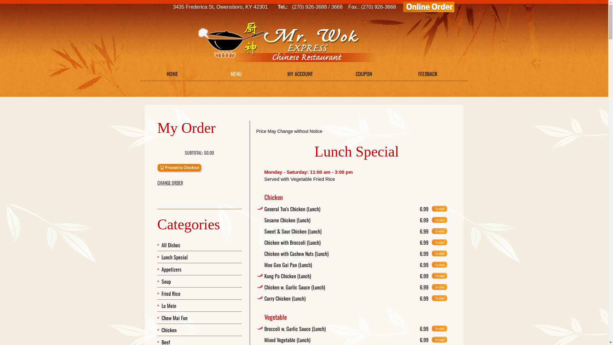 The width and height of the screenshot is (613, 345). I want to click on 'Lunch Special', so click(175, 257).